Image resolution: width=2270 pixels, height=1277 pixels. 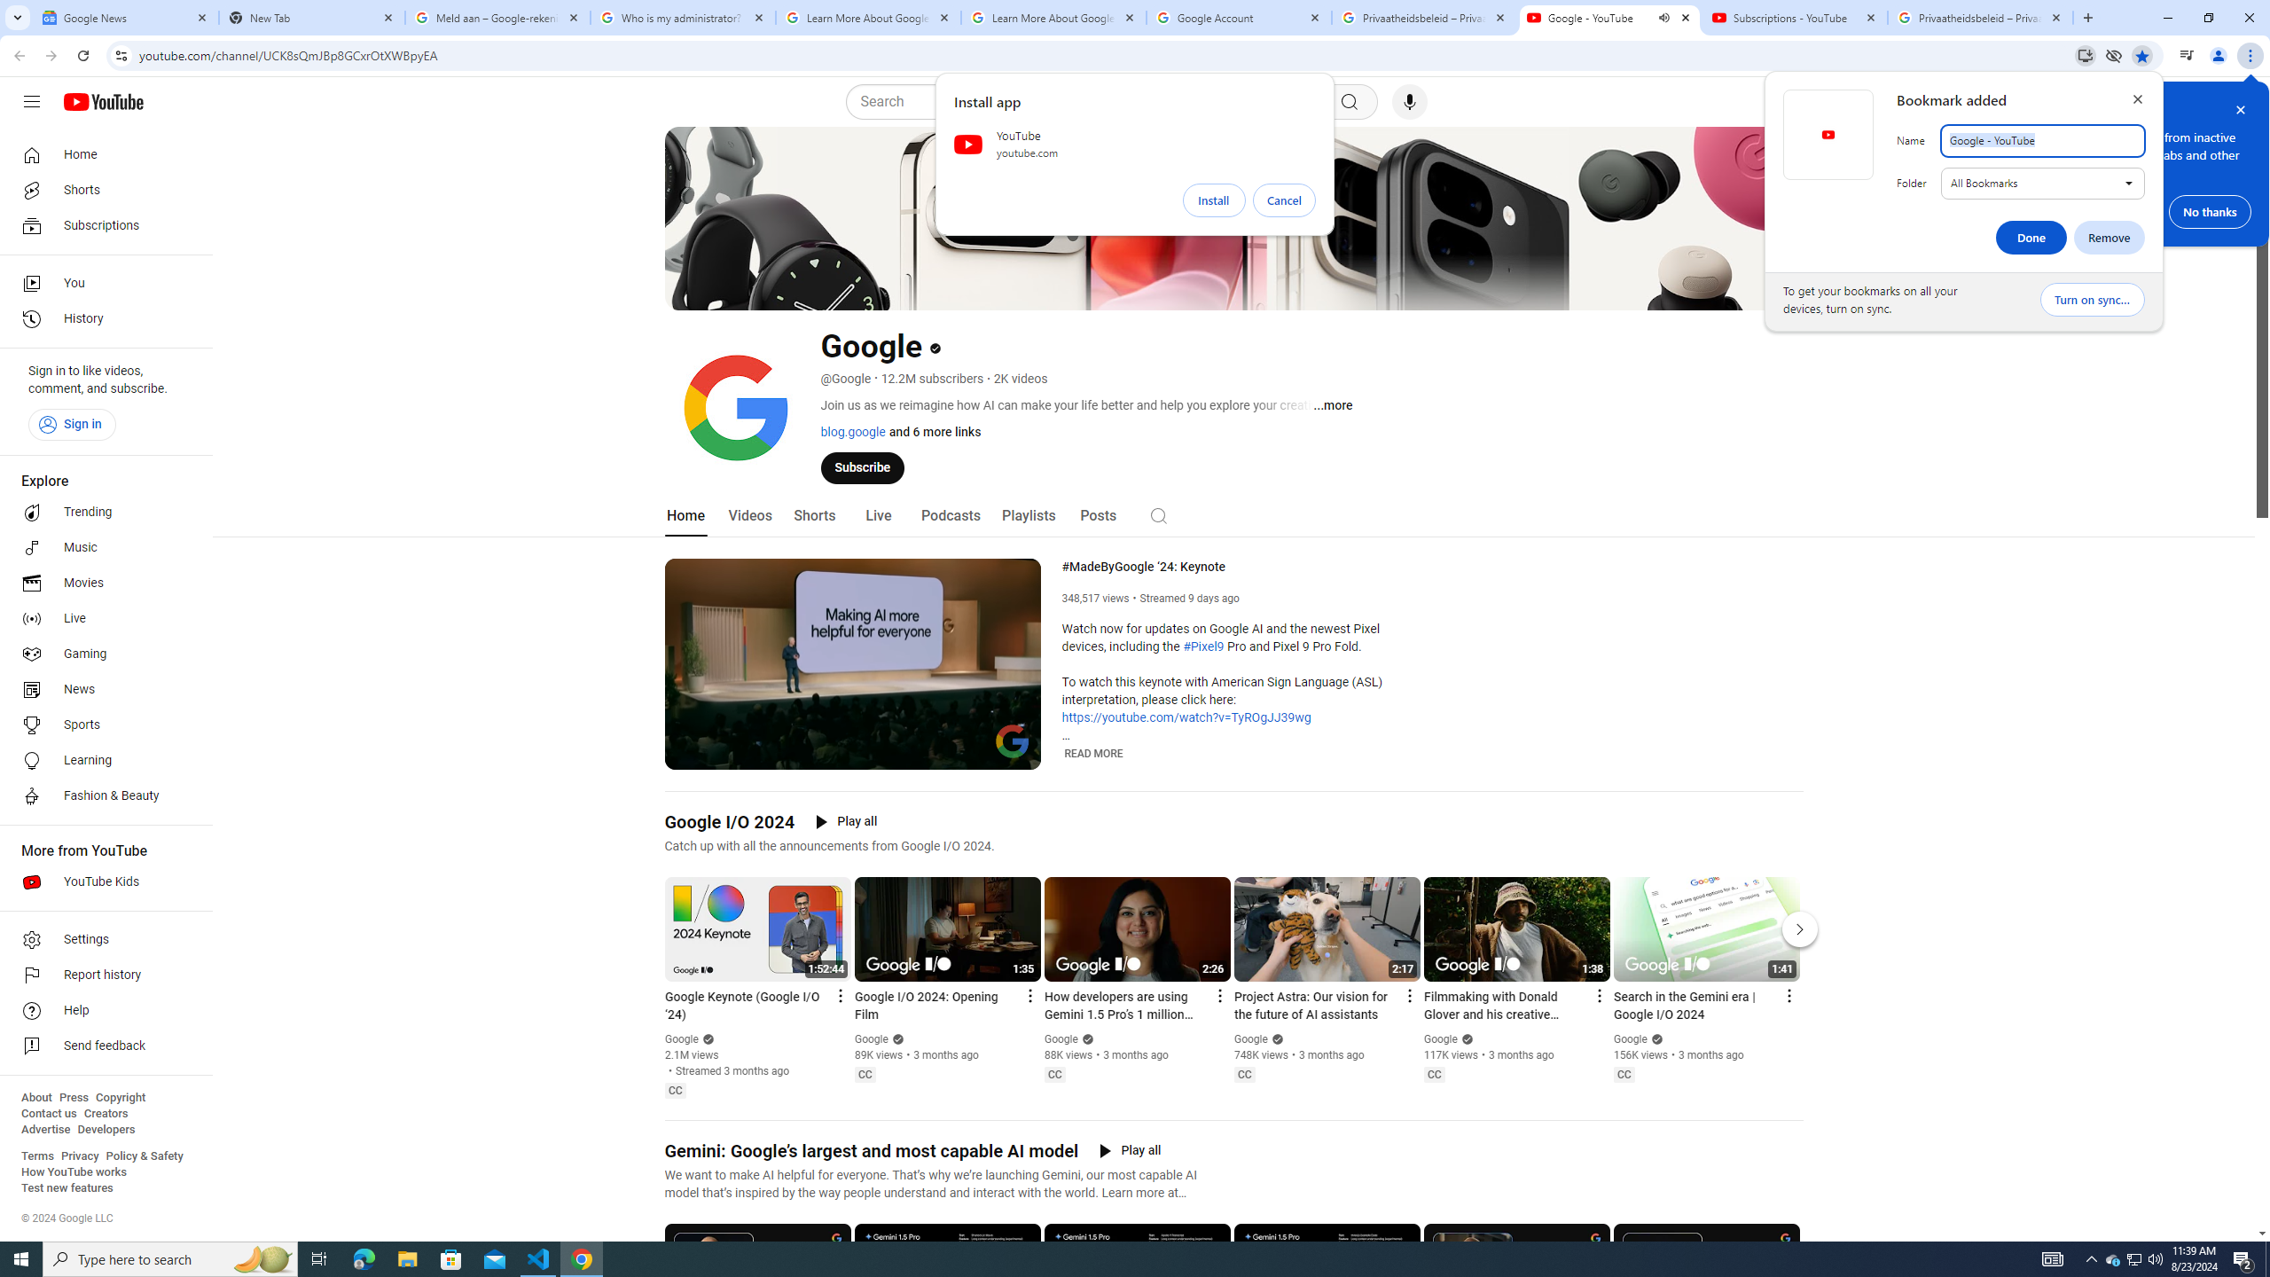 What do you see at coordinates (582, 1257) in the screenshot?
I see `'Google Chrome - 1 running window'` at bounding box center [582, 1257].